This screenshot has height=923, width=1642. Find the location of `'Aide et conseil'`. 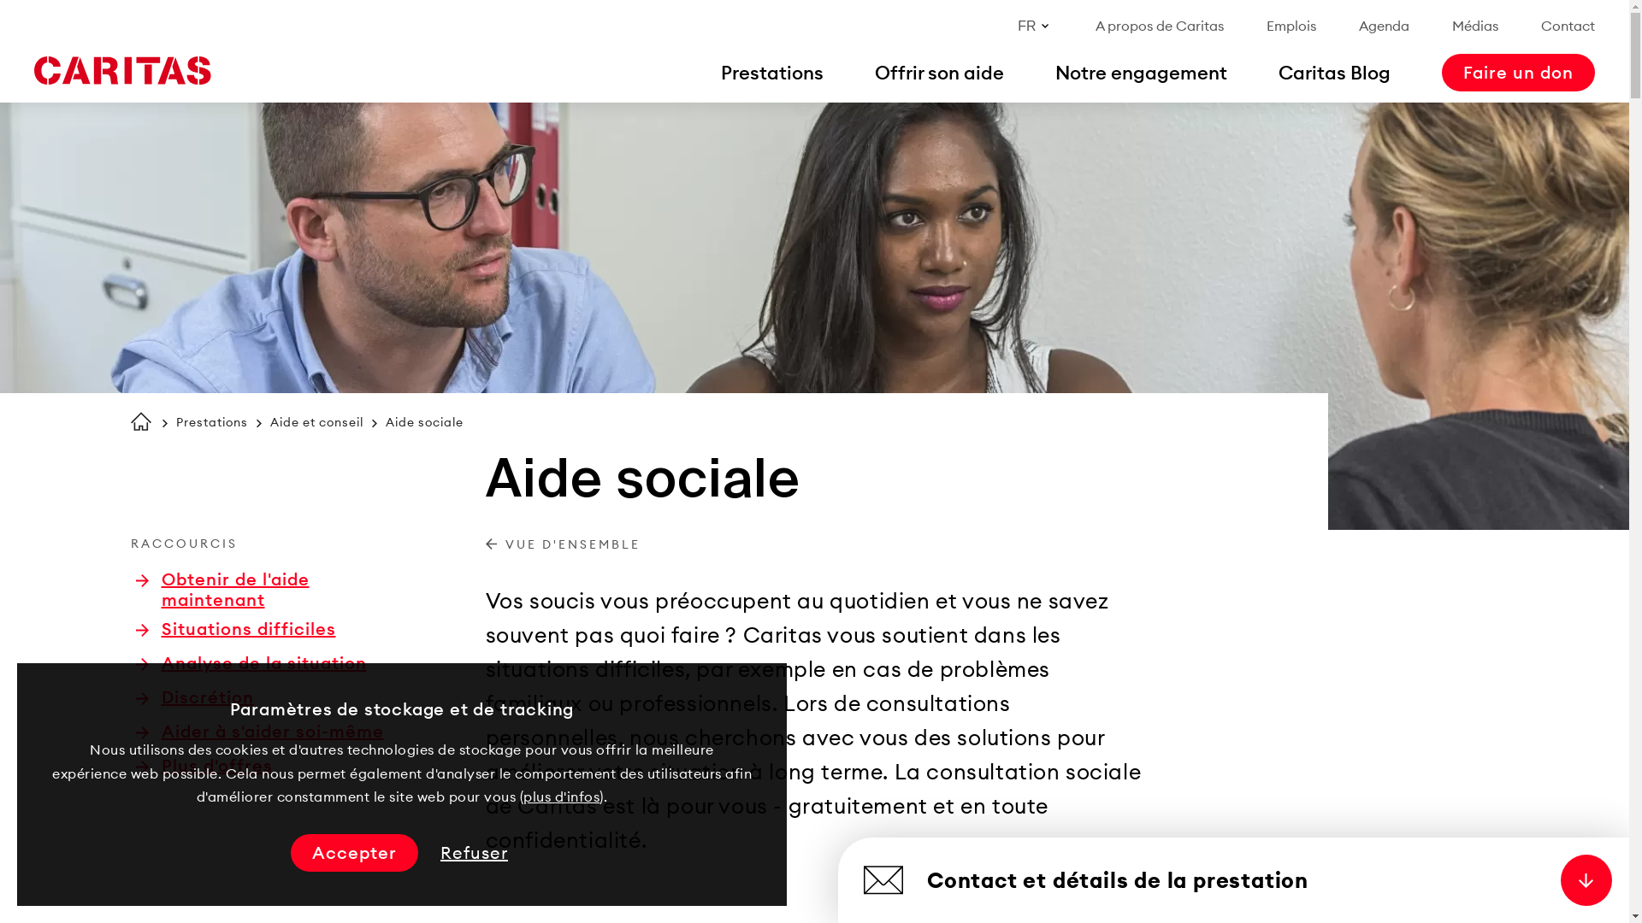

'Aide et conseil' is located at coordinates (316, 422).